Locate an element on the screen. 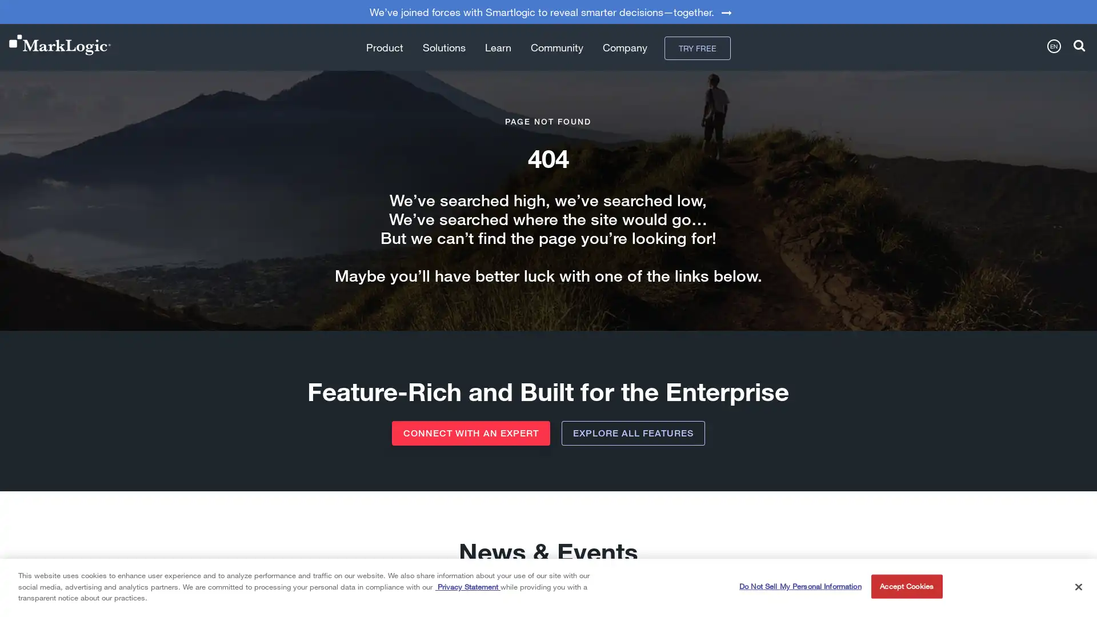 This screenshot has height=617, width=1097. Close is located at coordinates (1078, 586).